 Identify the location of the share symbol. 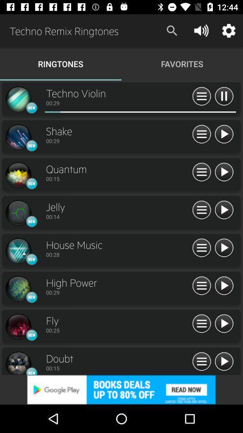
(202, 172).